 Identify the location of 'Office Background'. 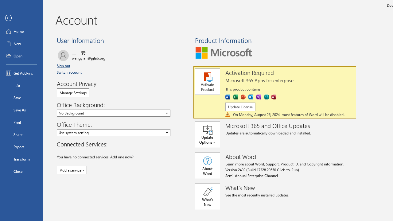
(114, 113).